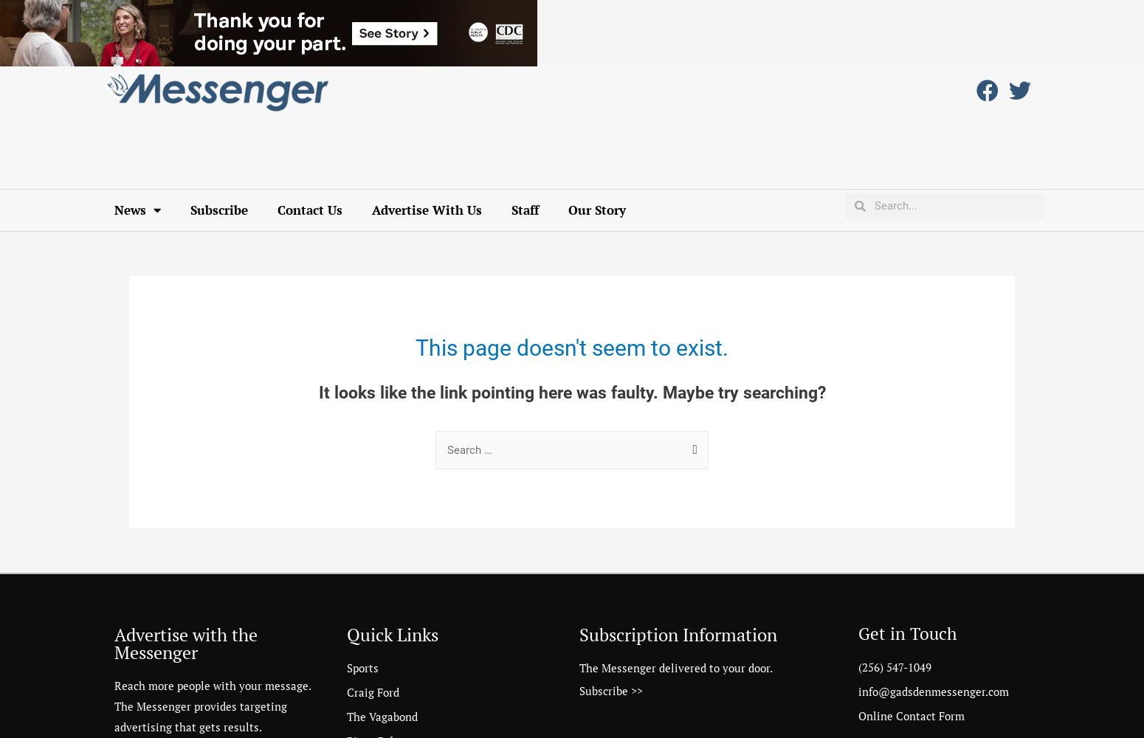 This screenshot has height=738, width=1144. What do you see at coordinates (579, 668) in the screenshot?
I see `'The Messenger delivered to your door.'` at bounding box center [579, 668].